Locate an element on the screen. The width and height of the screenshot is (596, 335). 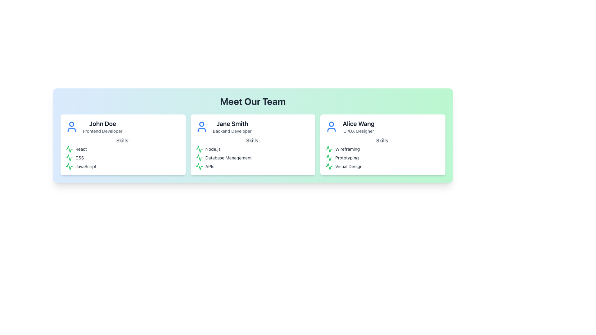
the CSS skill icon located under the 'John Doe' card in the 'Meet Our Team' section is located at coordinates (69, 158).